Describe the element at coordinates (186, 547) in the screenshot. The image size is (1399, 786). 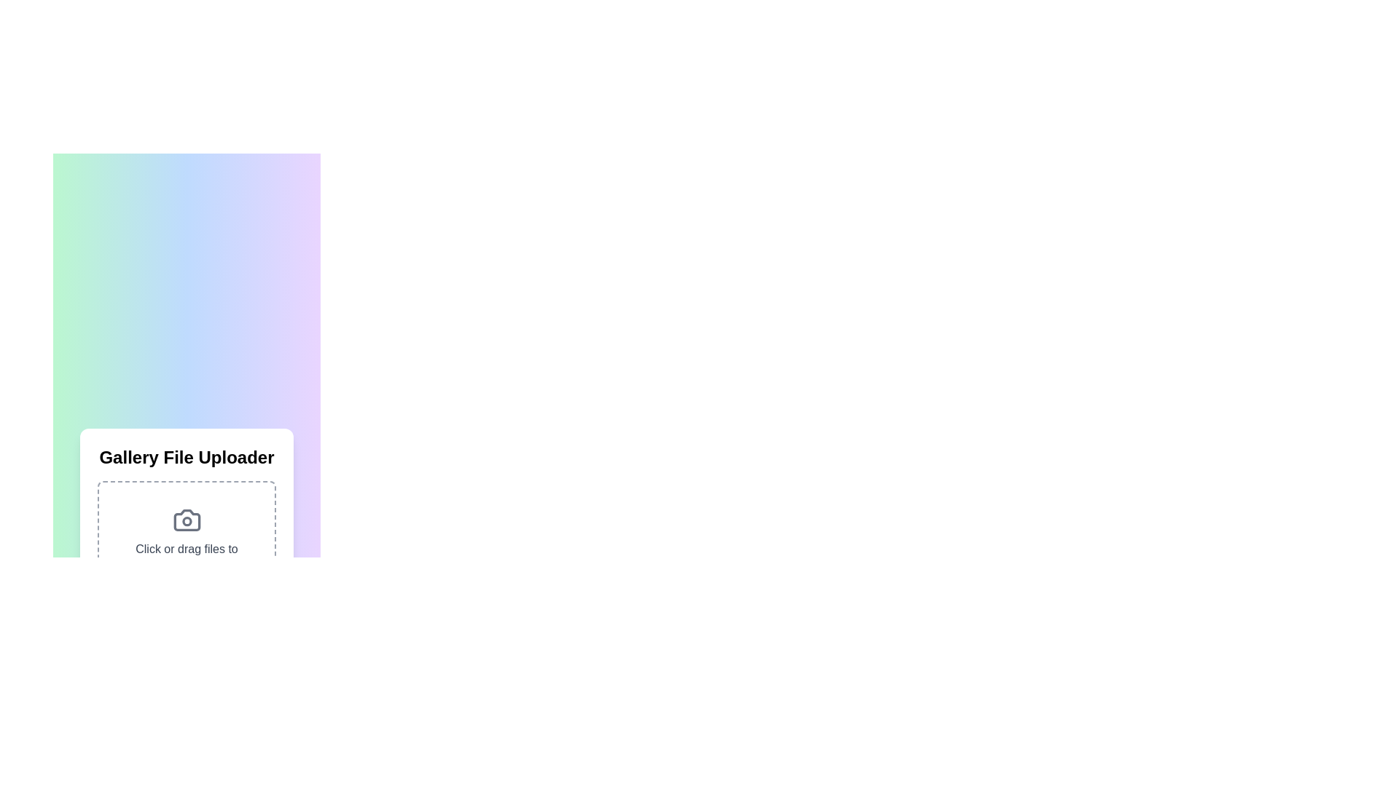
I see `the dashed border area of the File Upload Component, which is centrally located within a colorful gradient background` at that location.